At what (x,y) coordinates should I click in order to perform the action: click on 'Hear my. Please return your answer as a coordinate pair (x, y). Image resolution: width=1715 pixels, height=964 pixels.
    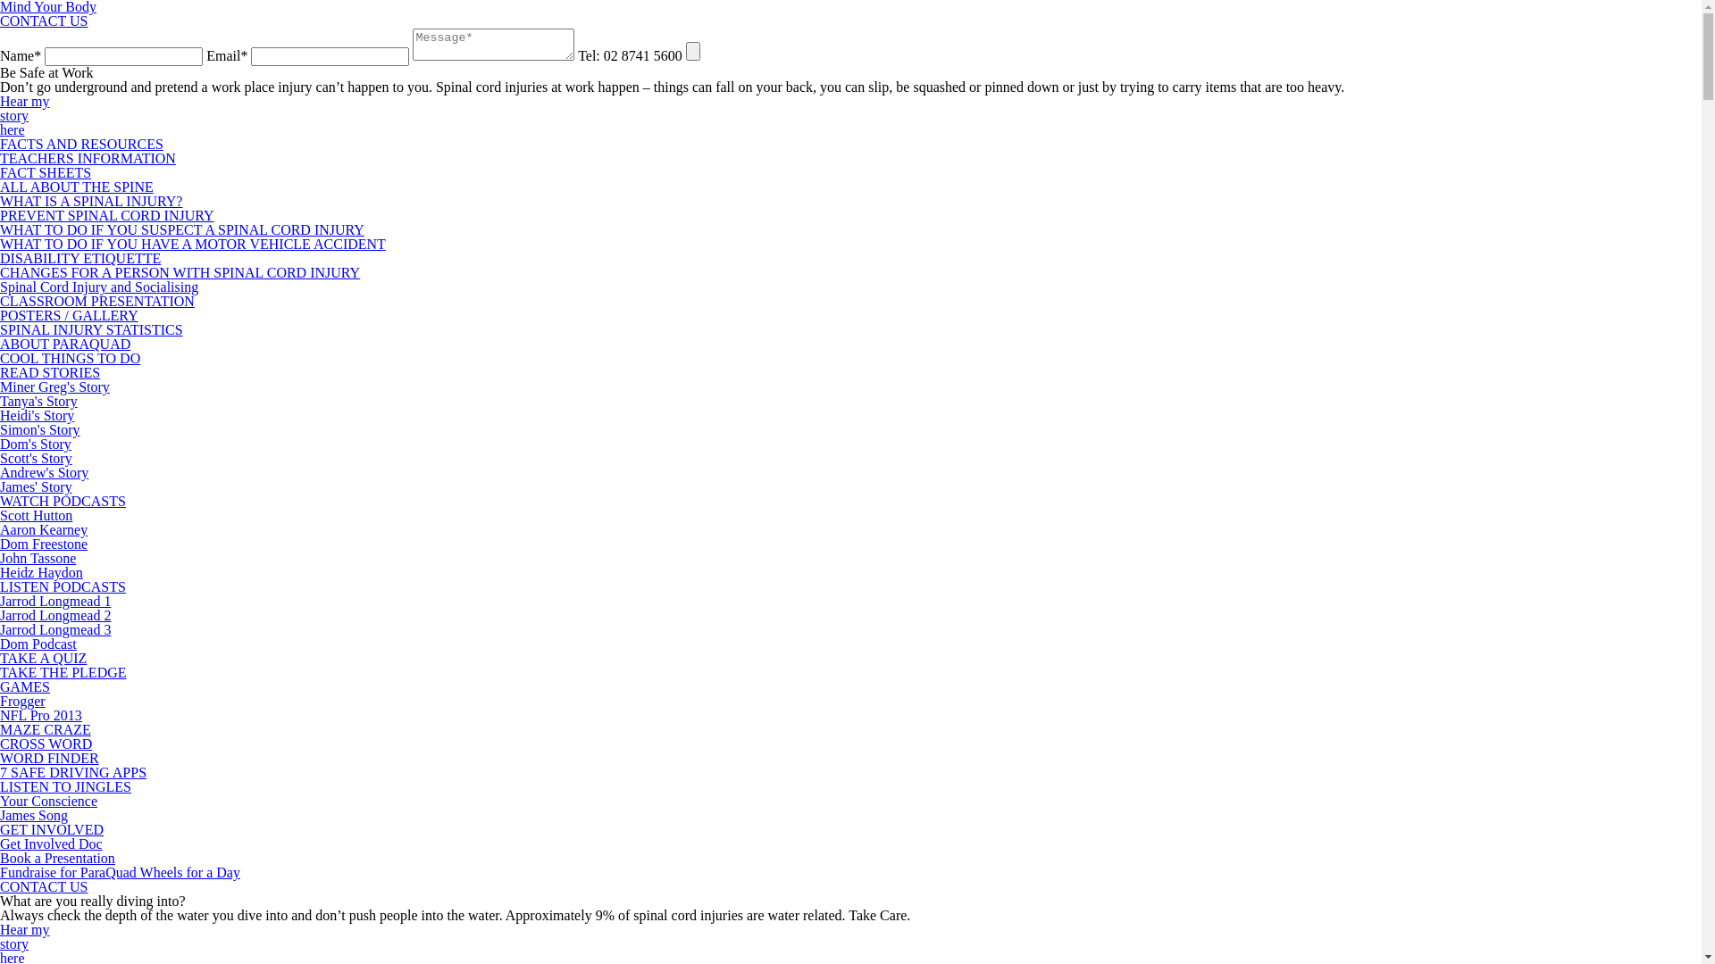
    Looking at the image, I should click on (25, 115).